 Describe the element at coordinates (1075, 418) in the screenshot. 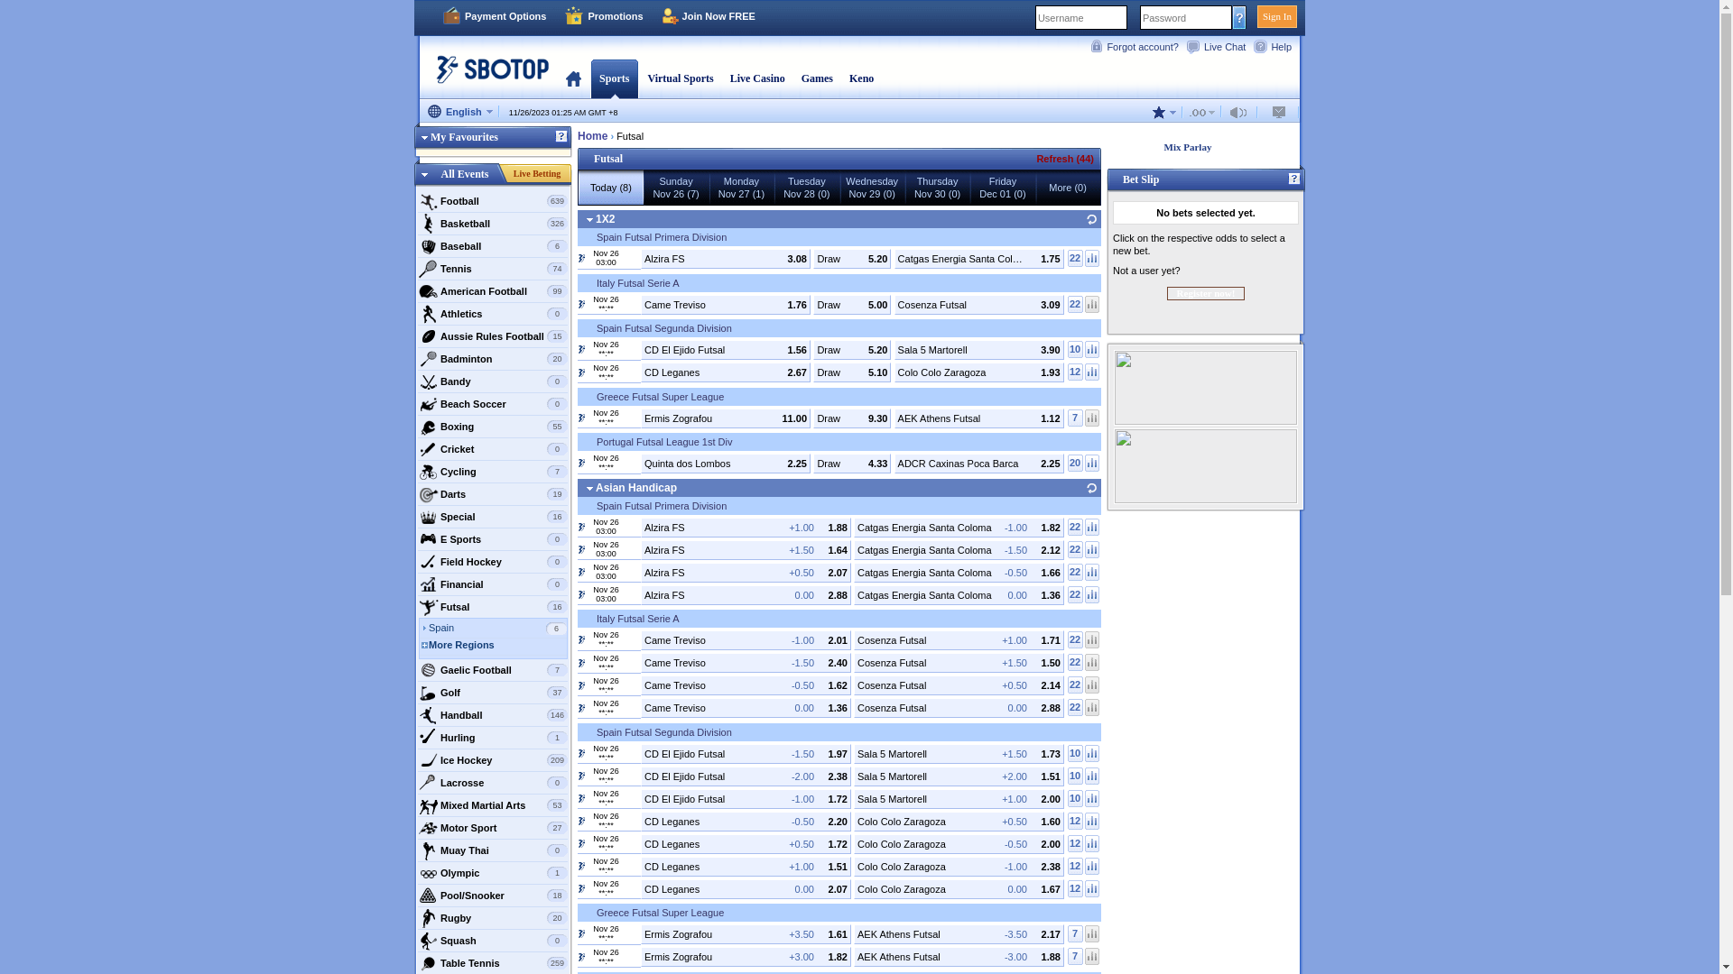

I see `'7'` at that location.